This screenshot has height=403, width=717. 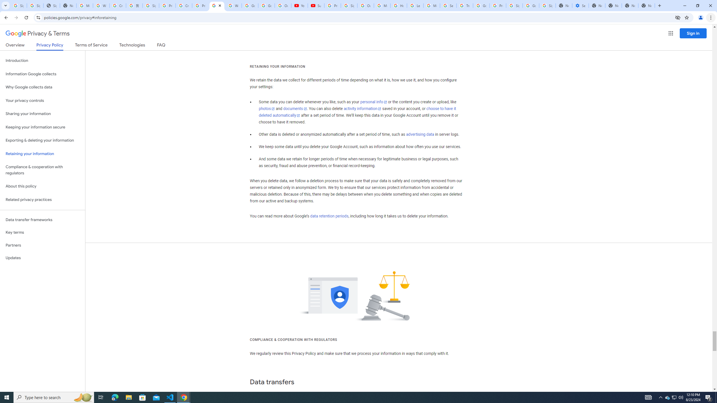 What do you see at coordinates (42, 154) in the screenshot?
I see `'Retaining your information'` at bounding box center [42, 154].